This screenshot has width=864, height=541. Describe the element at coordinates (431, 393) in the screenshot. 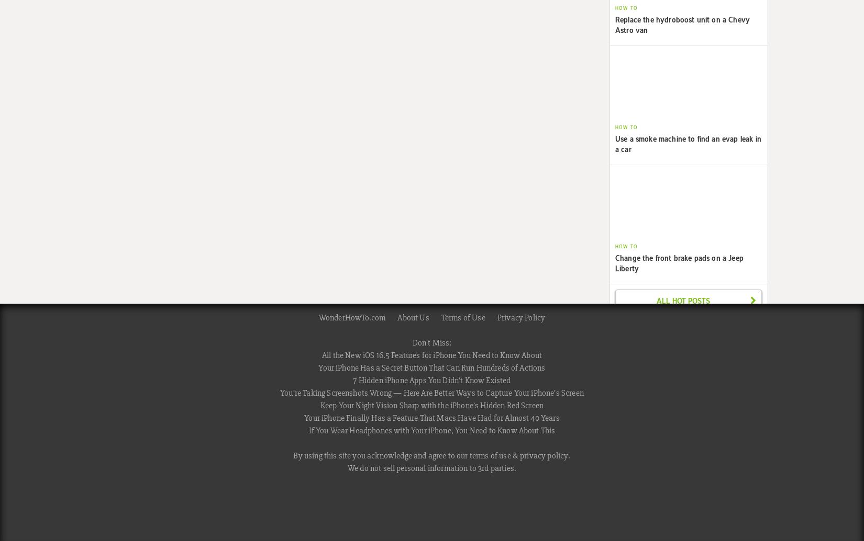

I see `'You’re Taking Screenshots Wrong — Here Are Better Ways to Capture Your iPhone’s Screen'` at that location.